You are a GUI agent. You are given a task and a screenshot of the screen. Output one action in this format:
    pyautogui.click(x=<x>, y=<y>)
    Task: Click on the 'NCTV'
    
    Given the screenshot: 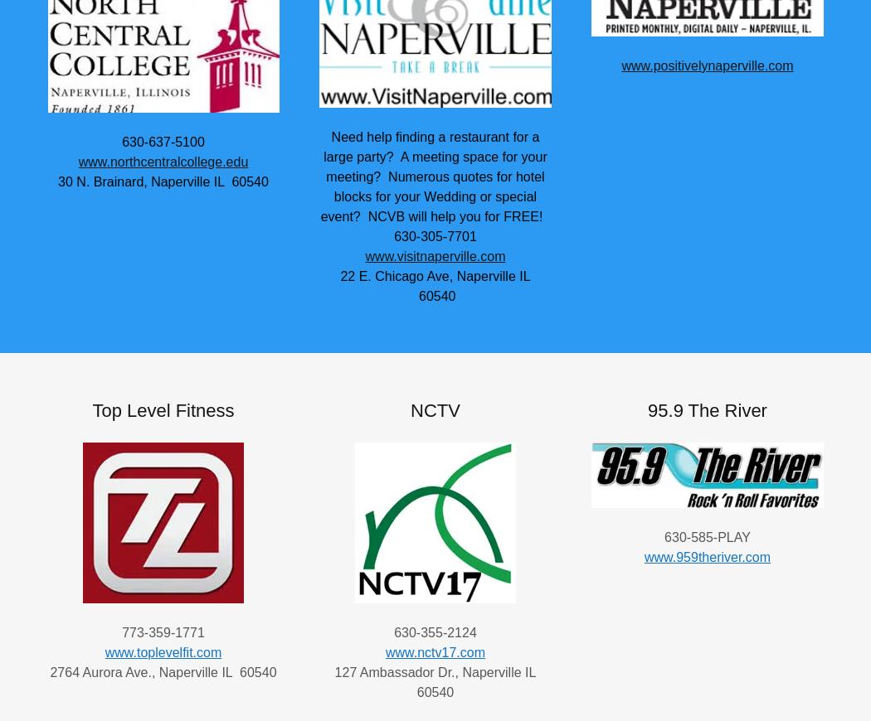 What is the action you would take?
    pyautogui.click(x=434, y=409)
    